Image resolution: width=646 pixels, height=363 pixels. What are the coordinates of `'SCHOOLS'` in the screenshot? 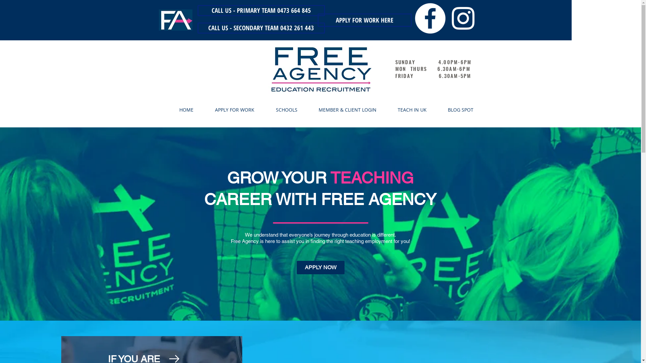 It's located at (281, 109).